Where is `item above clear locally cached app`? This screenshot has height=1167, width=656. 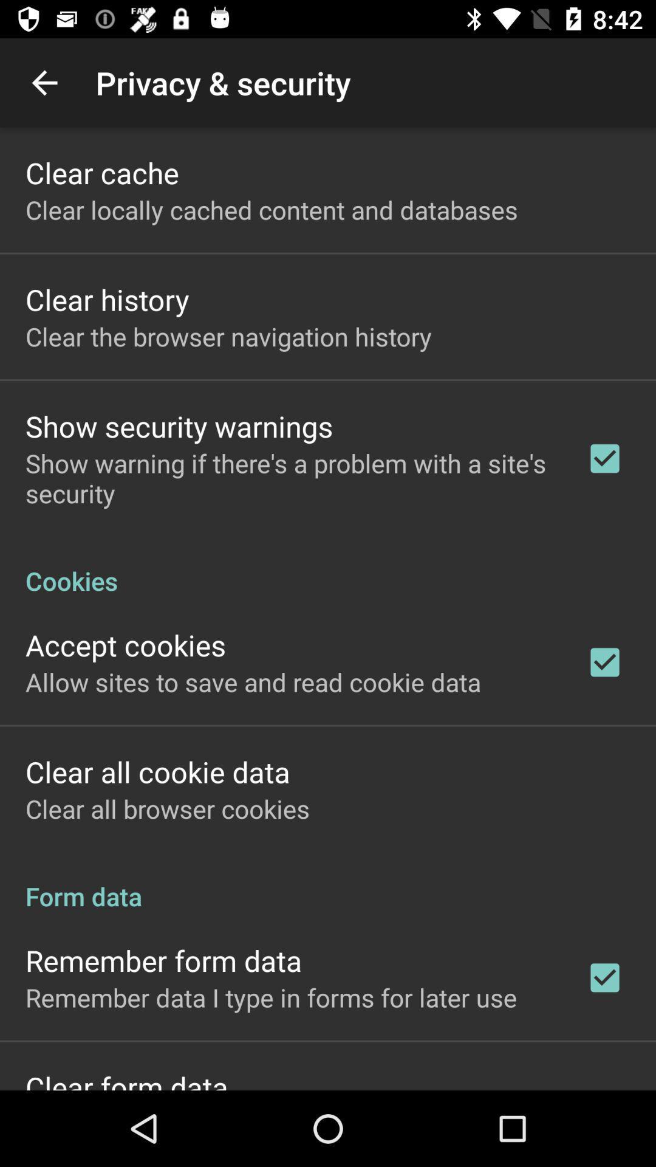 item above clear locally cached app is located at coordinates (101, 172).